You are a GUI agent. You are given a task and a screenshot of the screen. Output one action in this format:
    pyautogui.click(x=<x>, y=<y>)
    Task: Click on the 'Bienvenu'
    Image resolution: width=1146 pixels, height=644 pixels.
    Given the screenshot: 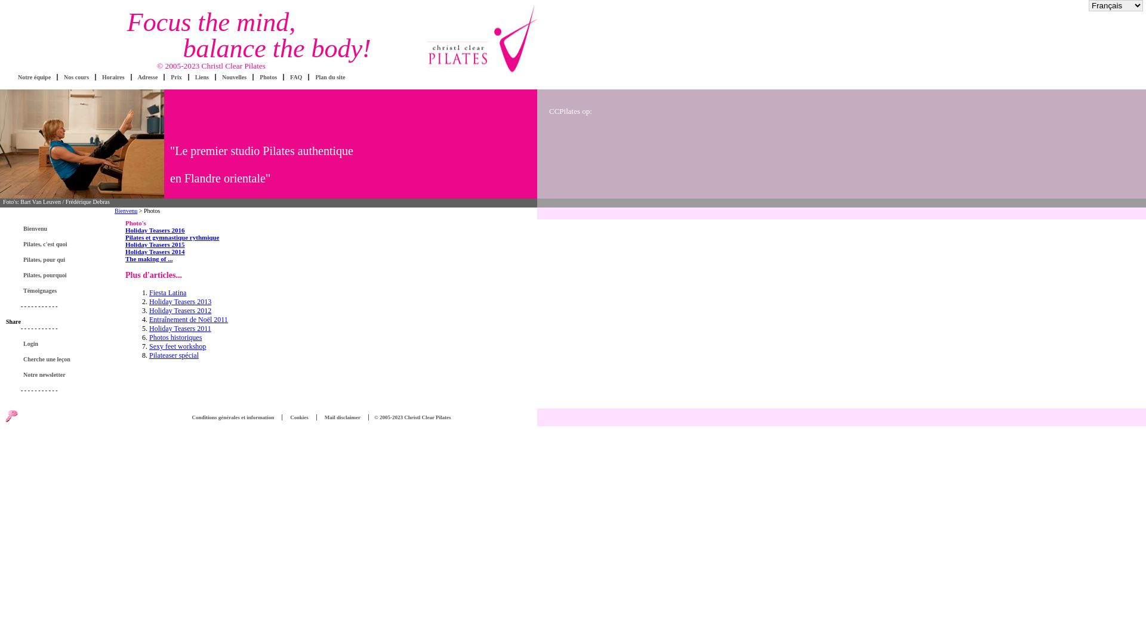 What is the action you would take?
    pyautogui.click(x=126, y=210)
    